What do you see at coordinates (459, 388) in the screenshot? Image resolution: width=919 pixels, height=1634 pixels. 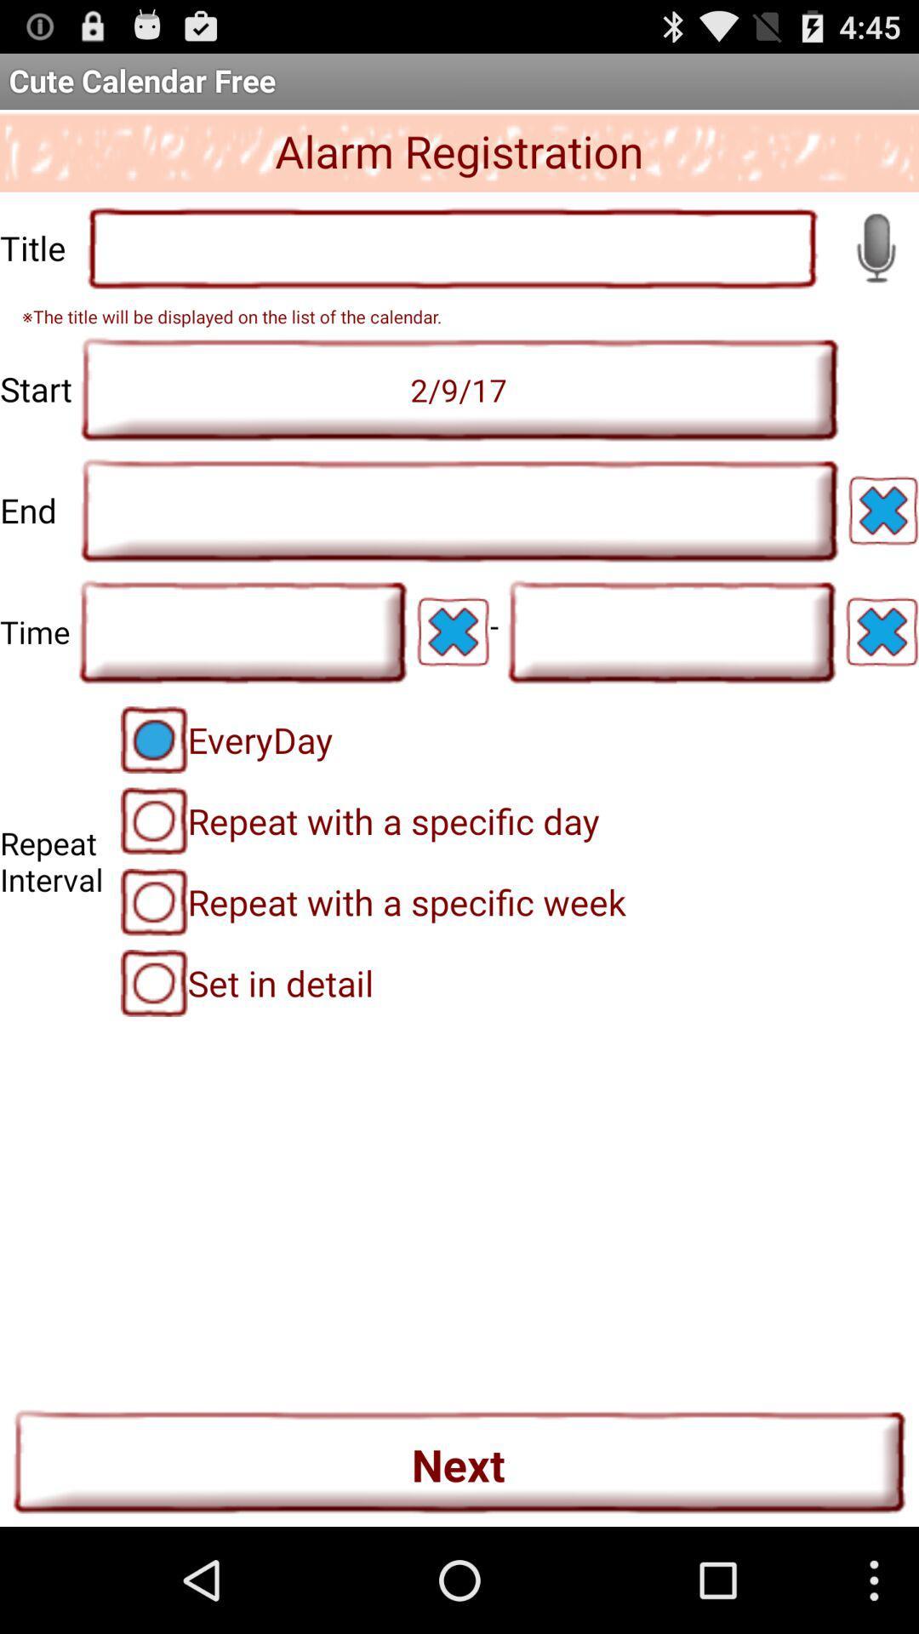 I see `app below the title will app` at bounding box center [459, 388].